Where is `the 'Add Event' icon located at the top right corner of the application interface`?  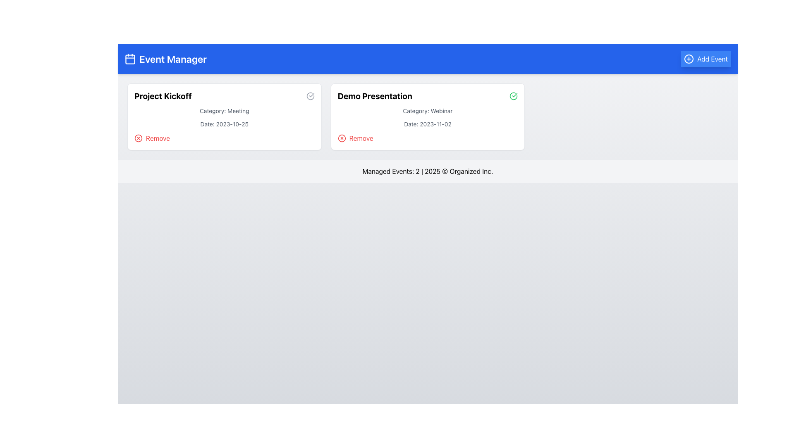 the 'Add Event' icon located at the top right corner of the application interface is located at coordinates (689, 58).